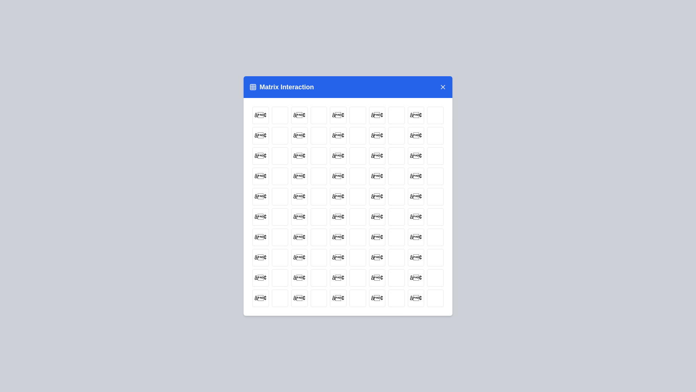 The height and width of the screenshot is (392, 696). What do you see at coordinates (443, 86) in the screenshot?
I see `the close button to toggle the dialog visibility` at bounding box center [443, 86].